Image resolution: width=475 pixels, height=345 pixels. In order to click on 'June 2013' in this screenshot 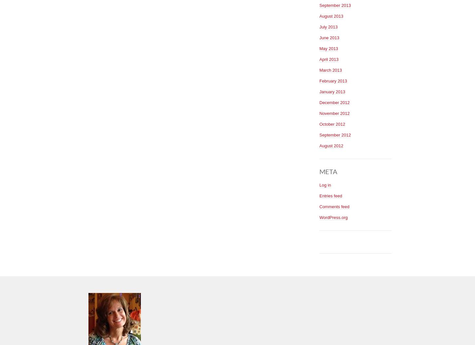, I will do `click(329, 37)`.